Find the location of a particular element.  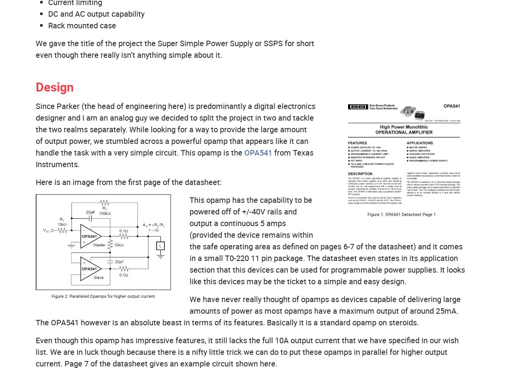

'RSS Feed' is located at coordinates (107, 164).